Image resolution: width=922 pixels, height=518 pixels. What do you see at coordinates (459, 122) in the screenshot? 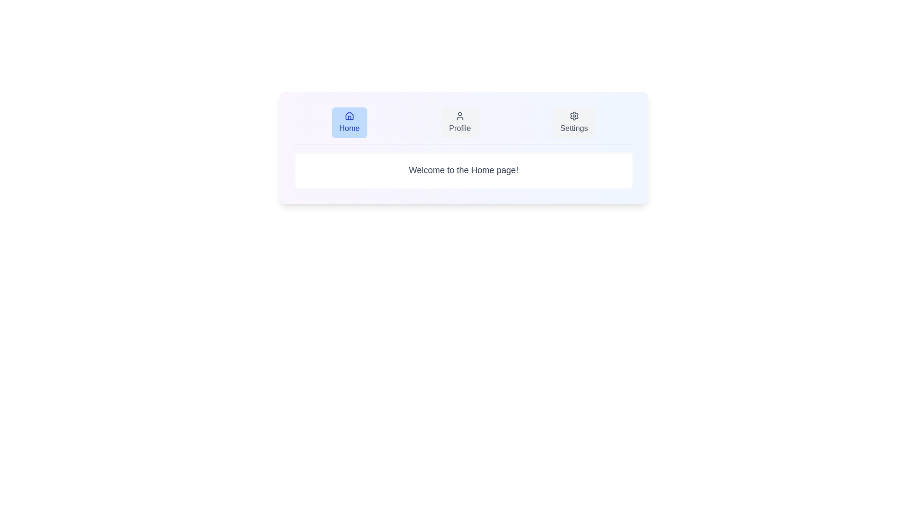
I see `the Profile tab by clicking on it` at bounding box center [459, 122].